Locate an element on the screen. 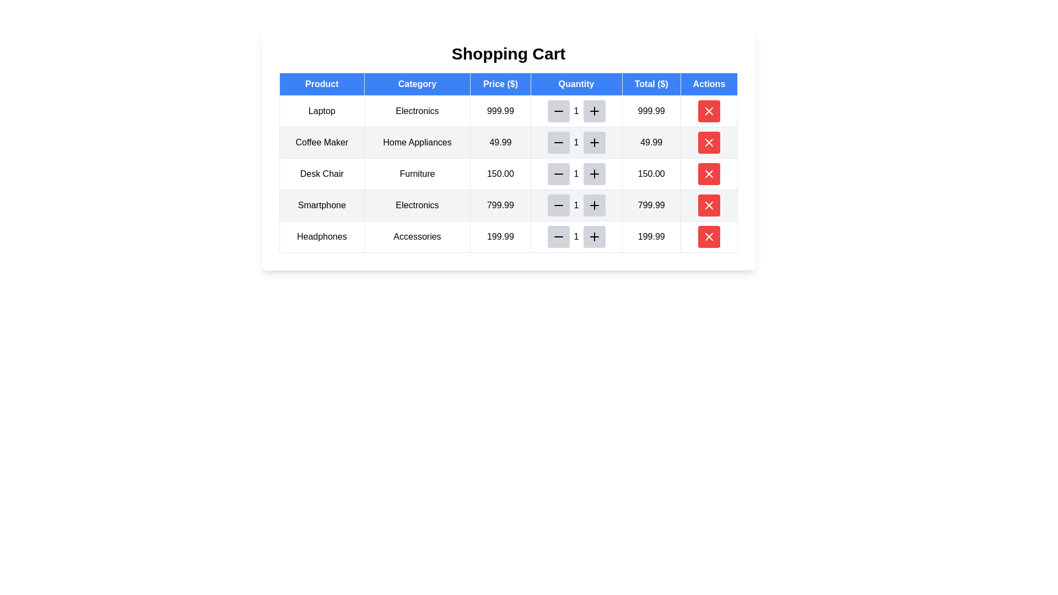 This screenshot has width=1058, height=595. the static text displaying the numeric value '1' in the 'Quantity' column of the second row labeled 'Coffee Maker' is located at coordinates (576, 142).